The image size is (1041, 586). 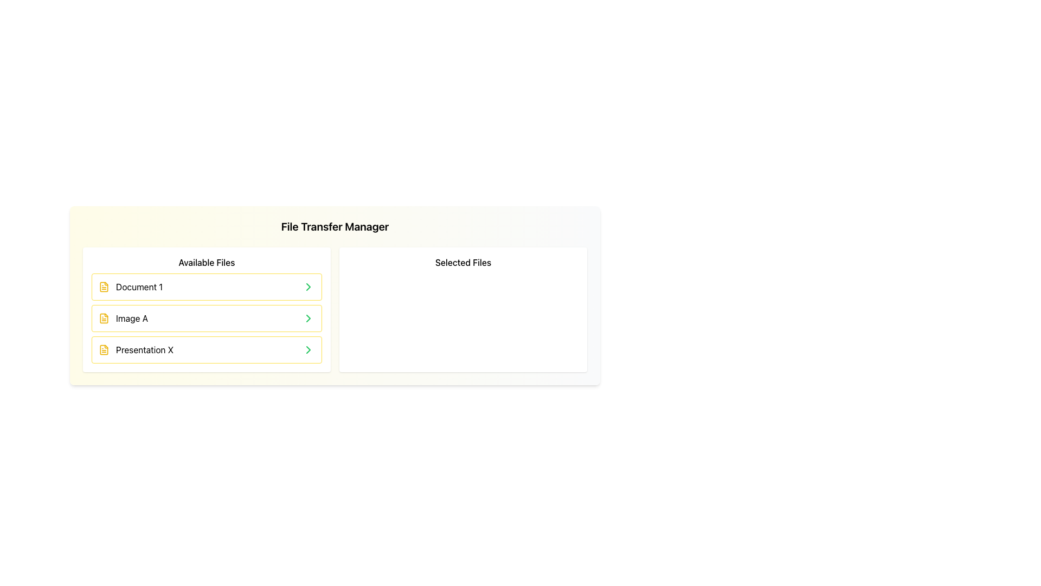 What do you see at coordinates (207, 317) in the screenshot?
I see `the second item in the 'Available Files' list, which relates to 'Image A'` at bounding box center [207, 317].